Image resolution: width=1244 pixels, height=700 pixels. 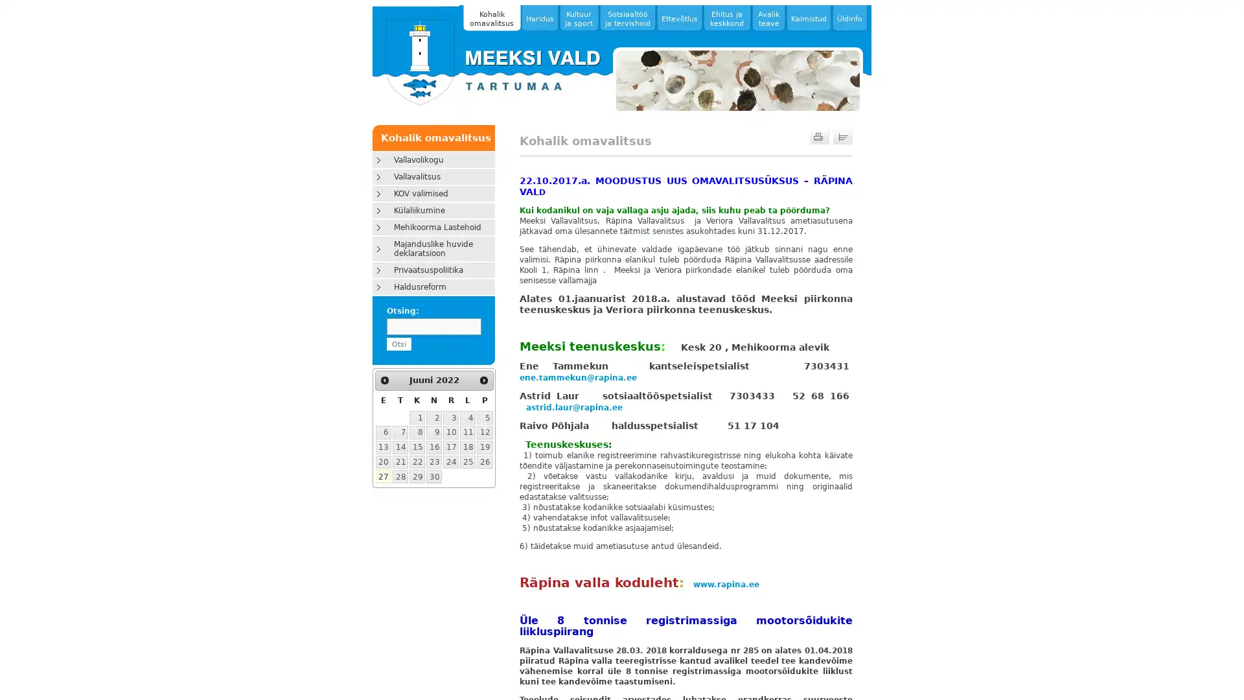 What do you see at coordinates (397, 344) in the screenshot?
I see `Otsi` at bounding box center [397, 344].